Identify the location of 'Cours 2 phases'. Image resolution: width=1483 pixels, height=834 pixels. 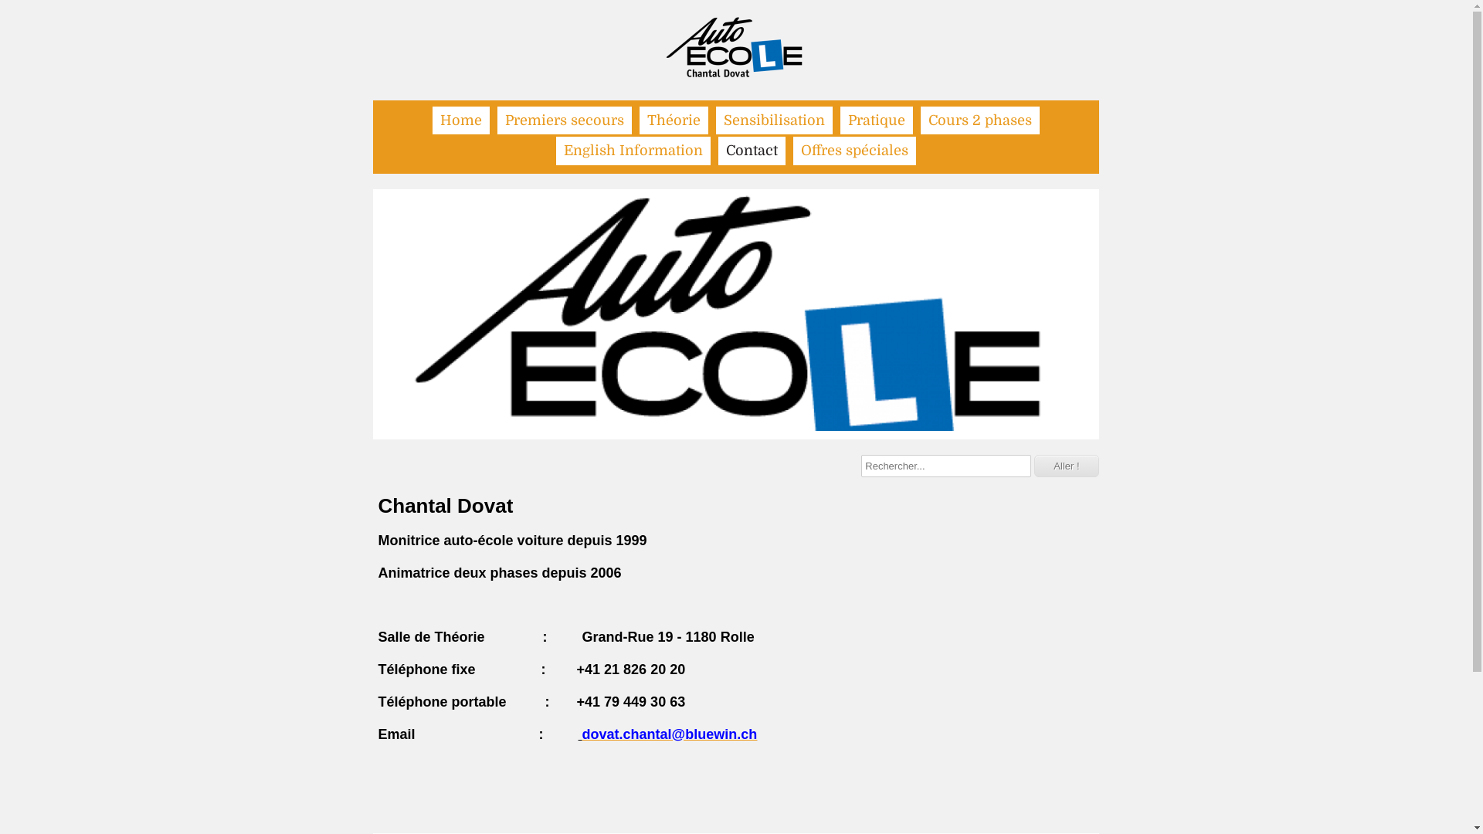
(979, 119).